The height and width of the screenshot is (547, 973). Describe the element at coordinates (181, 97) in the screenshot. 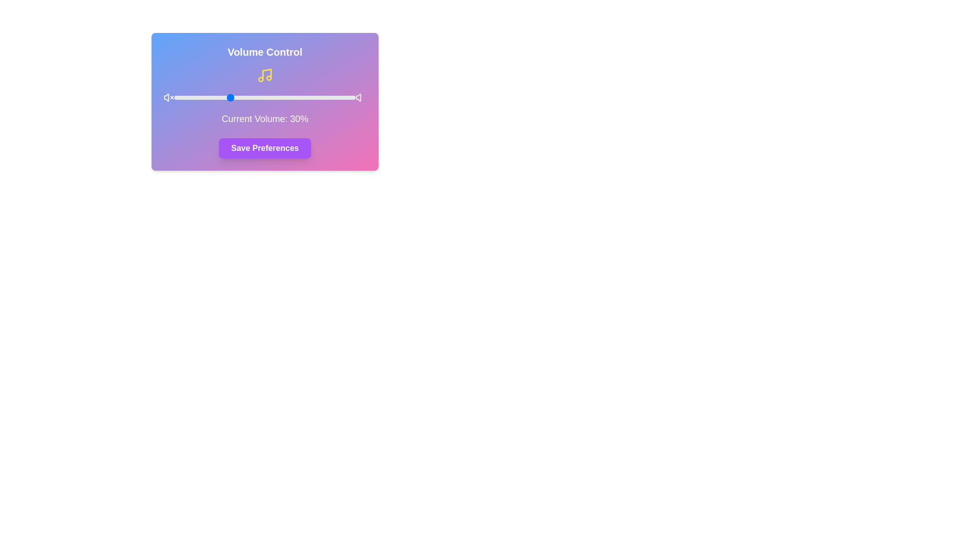

I see `the volume slider to set it to 4%` at that location.